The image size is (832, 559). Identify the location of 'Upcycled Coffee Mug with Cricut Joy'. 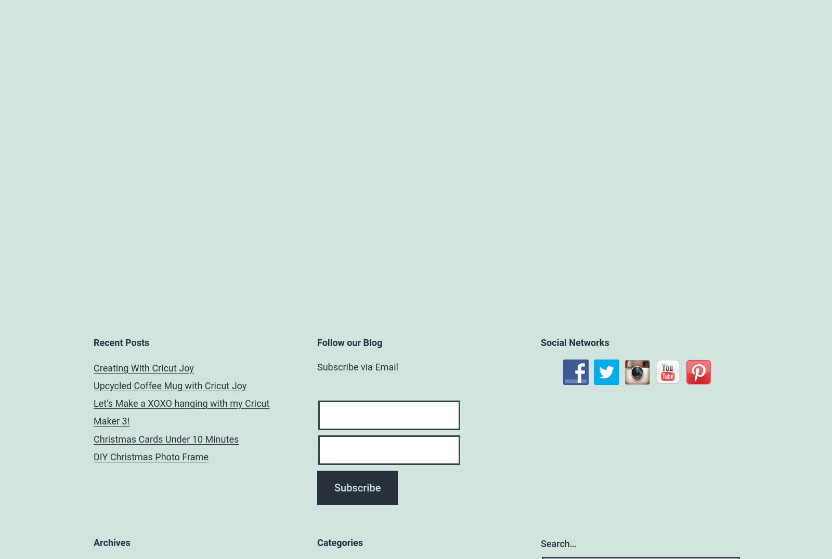
(170, 384).